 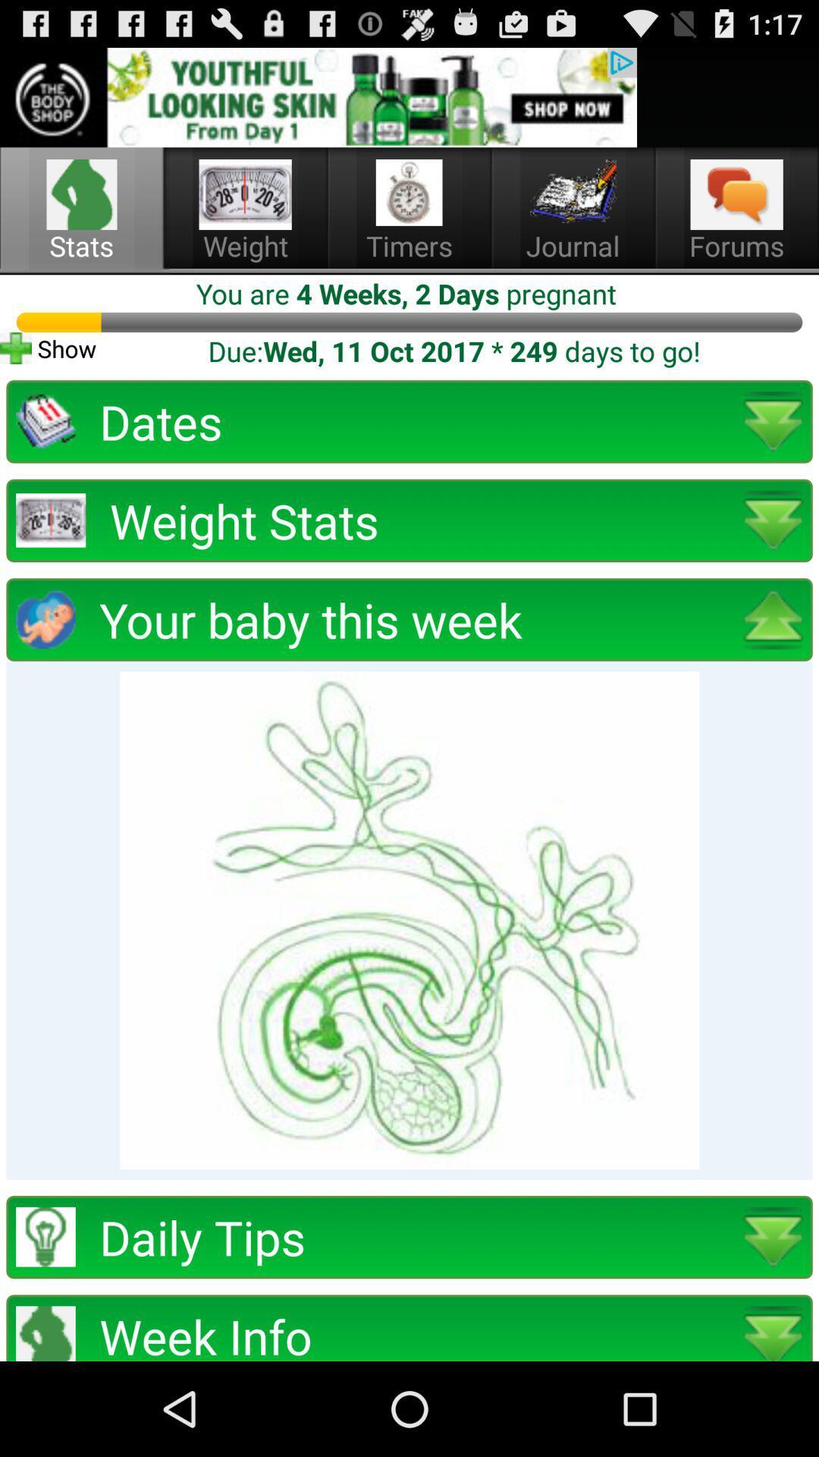 I want to click on advertisement area, so click(x=318, y=96).